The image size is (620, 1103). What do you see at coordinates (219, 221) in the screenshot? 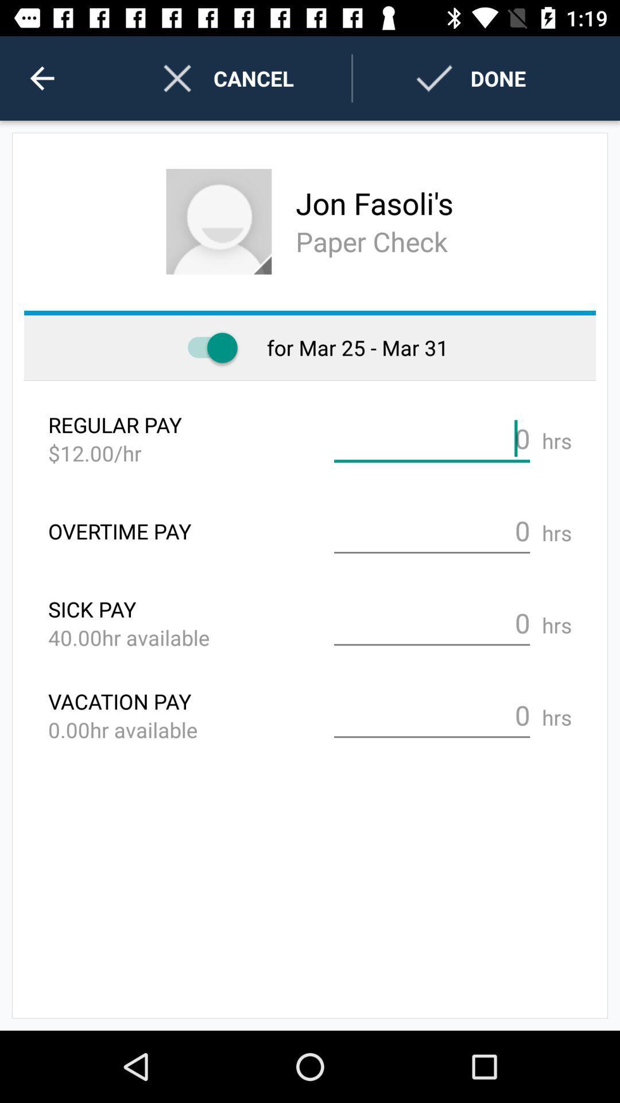
I see `profile picture` at bounding box center [219, 221].